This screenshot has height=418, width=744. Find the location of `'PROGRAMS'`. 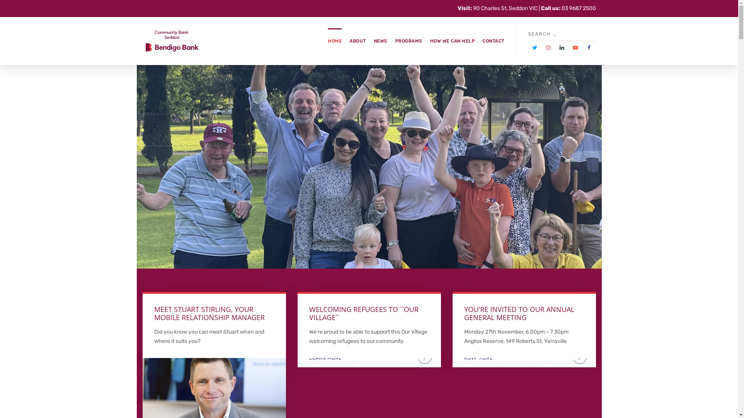

'PROGRAMS' is located at coordinates (408, 41).